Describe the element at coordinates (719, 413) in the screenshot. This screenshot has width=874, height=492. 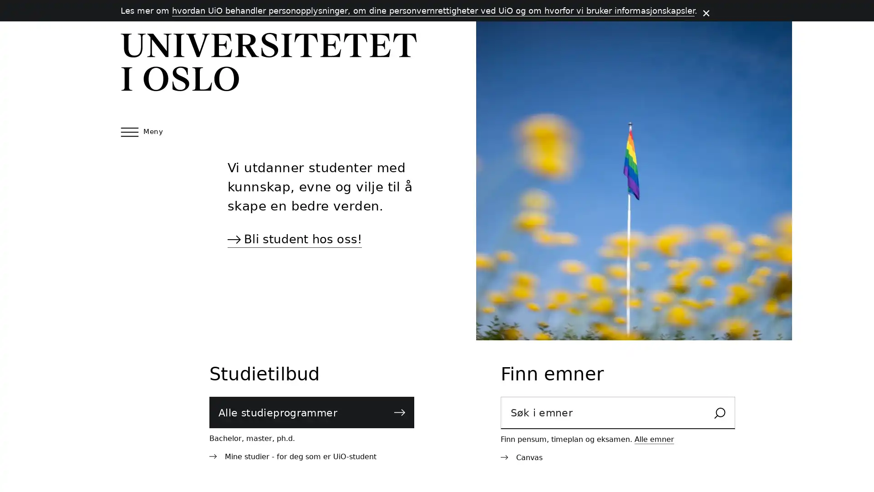
I see `Sk` at that location.